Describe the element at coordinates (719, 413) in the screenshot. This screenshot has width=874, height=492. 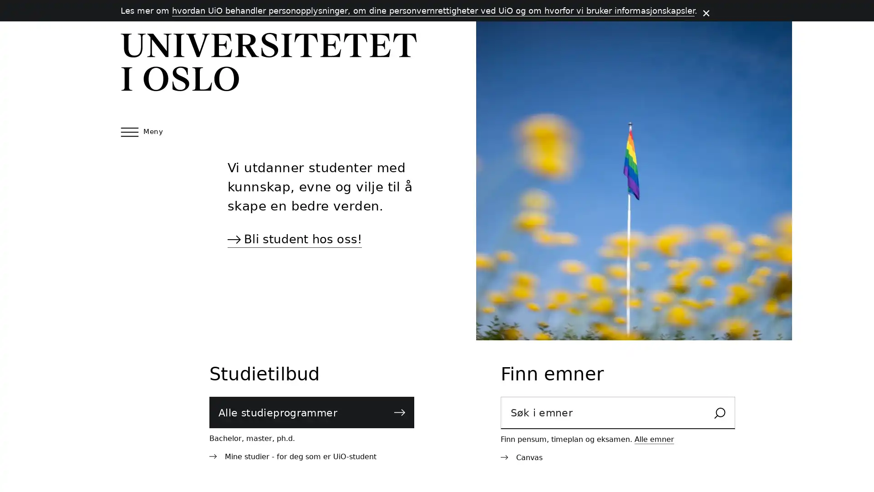
I see `Sk` at that location.